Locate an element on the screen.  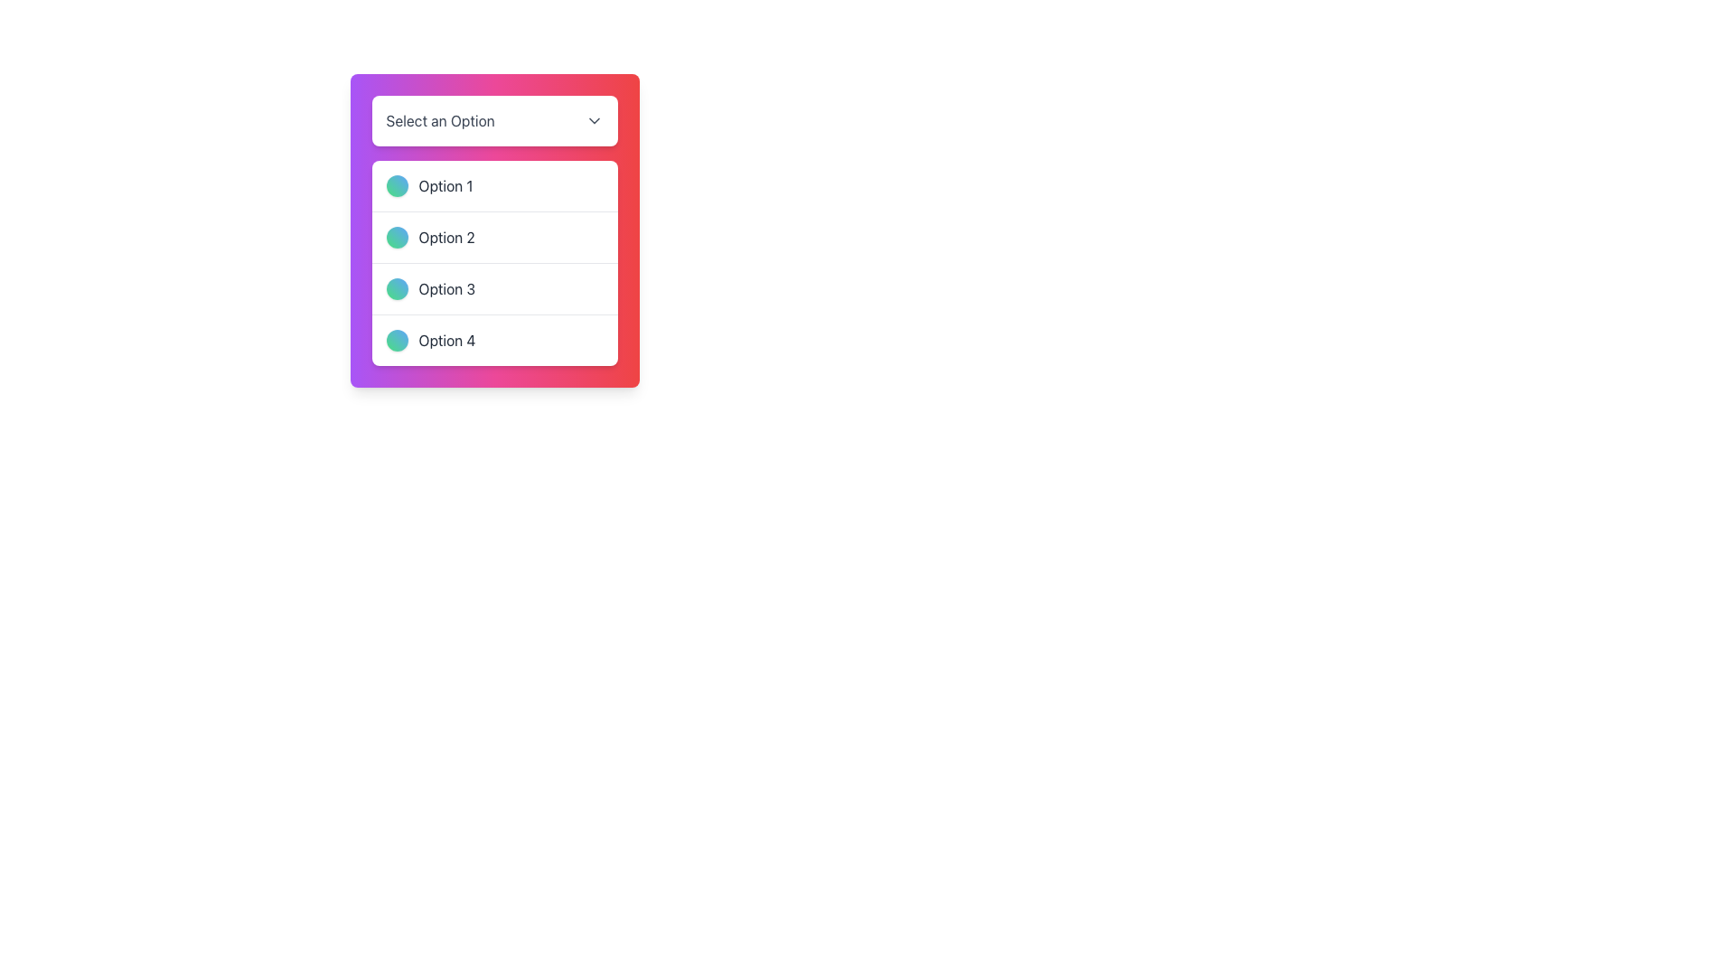
displayed text 'Option 1' from the text label, which is styled in dark gray and is part of a dropdown menu item is located at coordinates (445, 185).